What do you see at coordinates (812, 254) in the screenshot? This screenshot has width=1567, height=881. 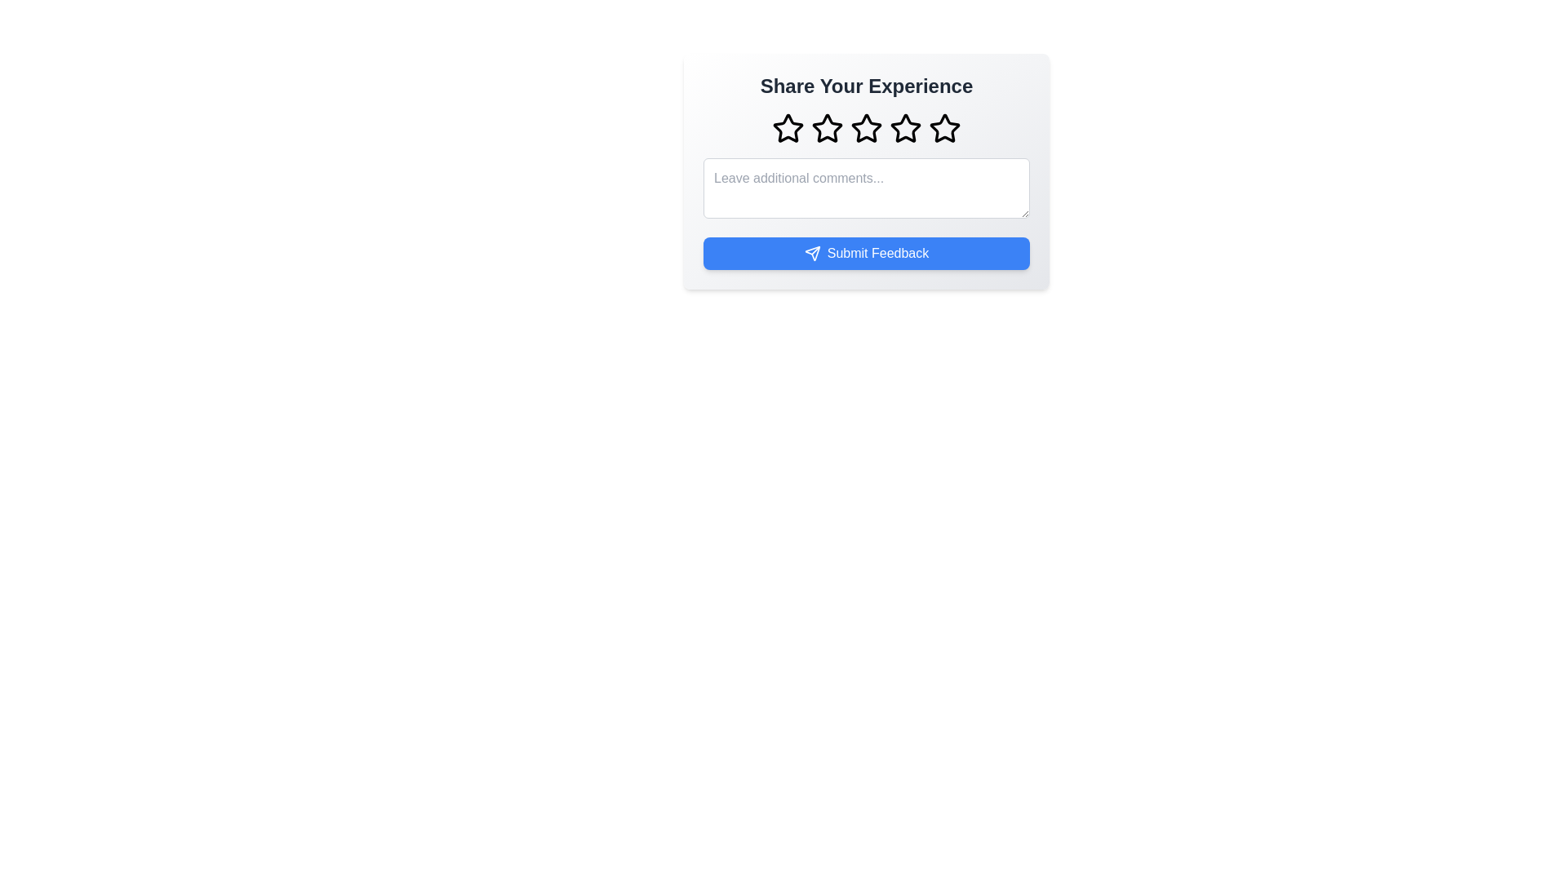 I see `the small send icon, which is a paper plane symbol in outline form, located to the left of the 'Submit Feedback' text label` at bounding box center [812, 254].